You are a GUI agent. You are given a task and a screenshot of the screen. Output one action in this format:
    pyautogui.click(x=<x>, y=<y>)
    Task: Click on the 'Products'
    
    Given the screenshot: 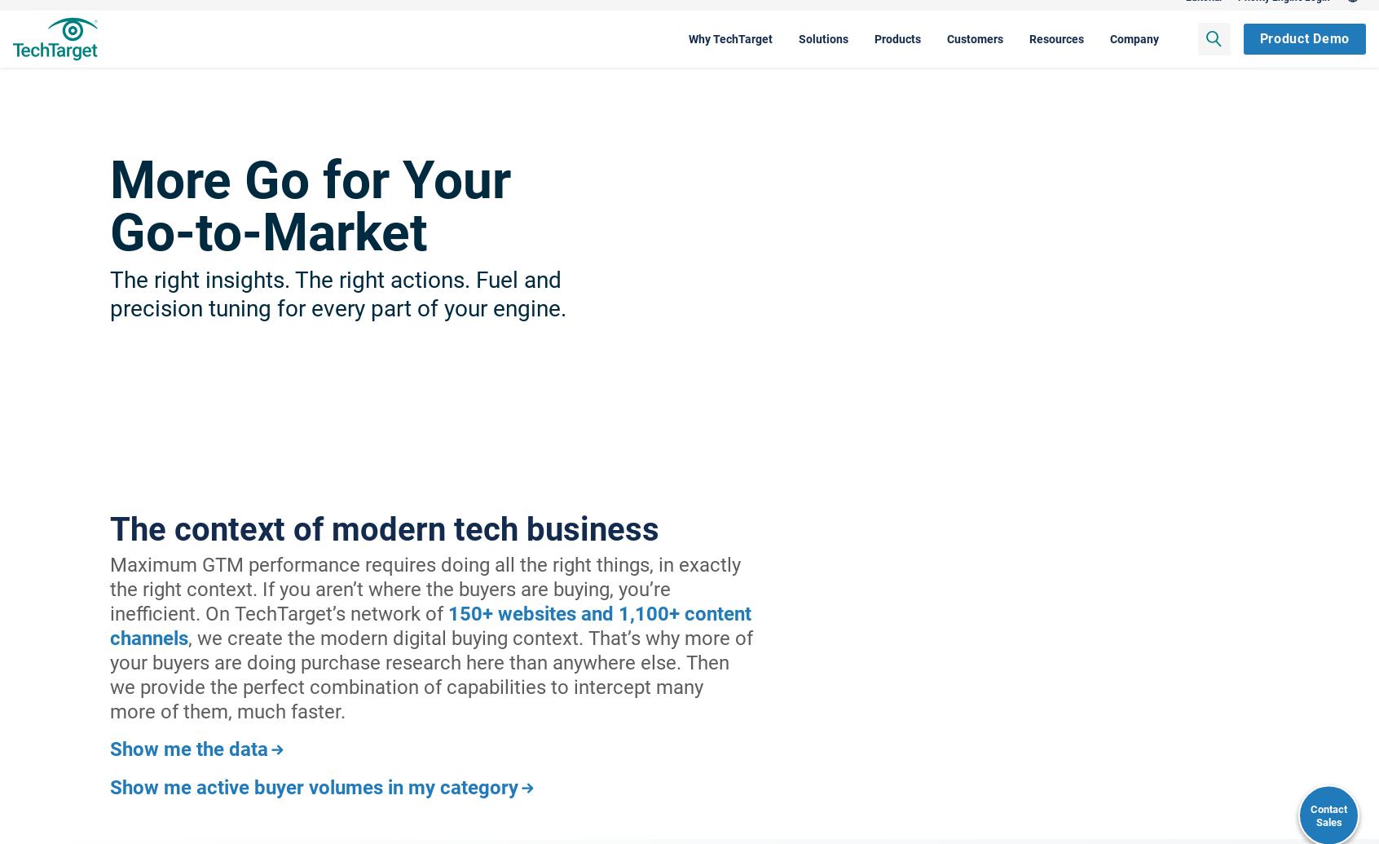 What is the action you would take?
    pyautogui.click(x=800, y=54)
    